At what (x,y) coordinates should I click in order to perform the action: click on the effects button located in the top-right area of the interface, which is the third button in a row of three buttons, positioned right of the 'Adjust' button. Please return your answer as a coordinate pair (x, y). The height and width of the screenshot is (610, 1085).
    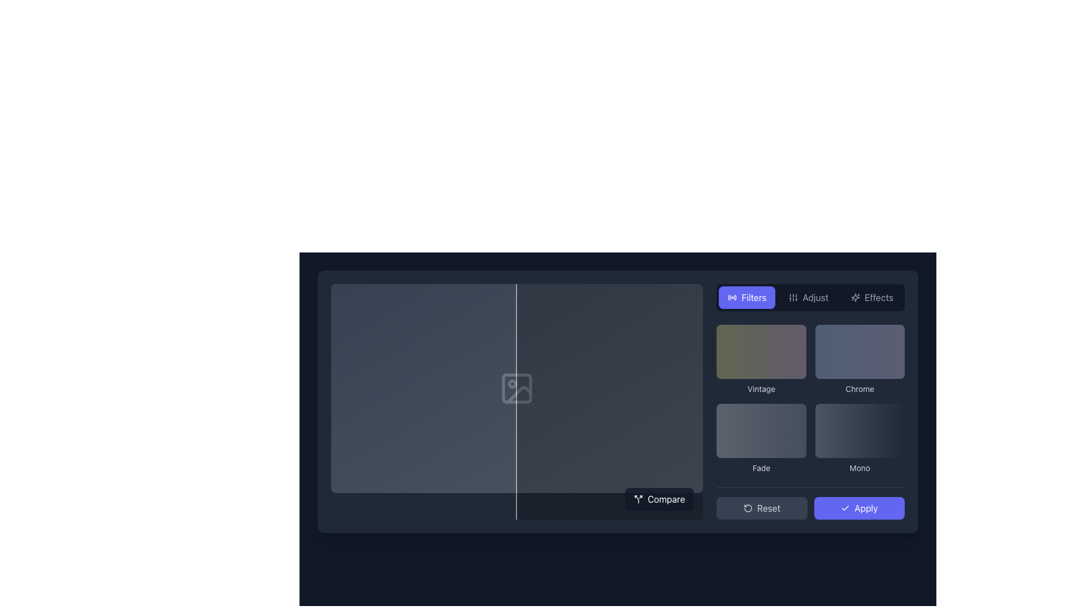
    Looking at the image, I should click on (871, 297).